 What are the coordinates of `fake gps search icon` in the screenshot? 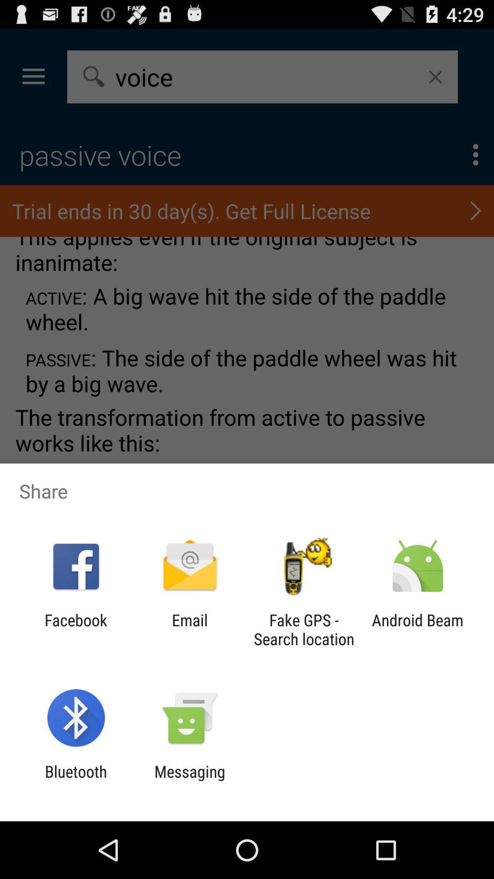 It's located at (304, 629).